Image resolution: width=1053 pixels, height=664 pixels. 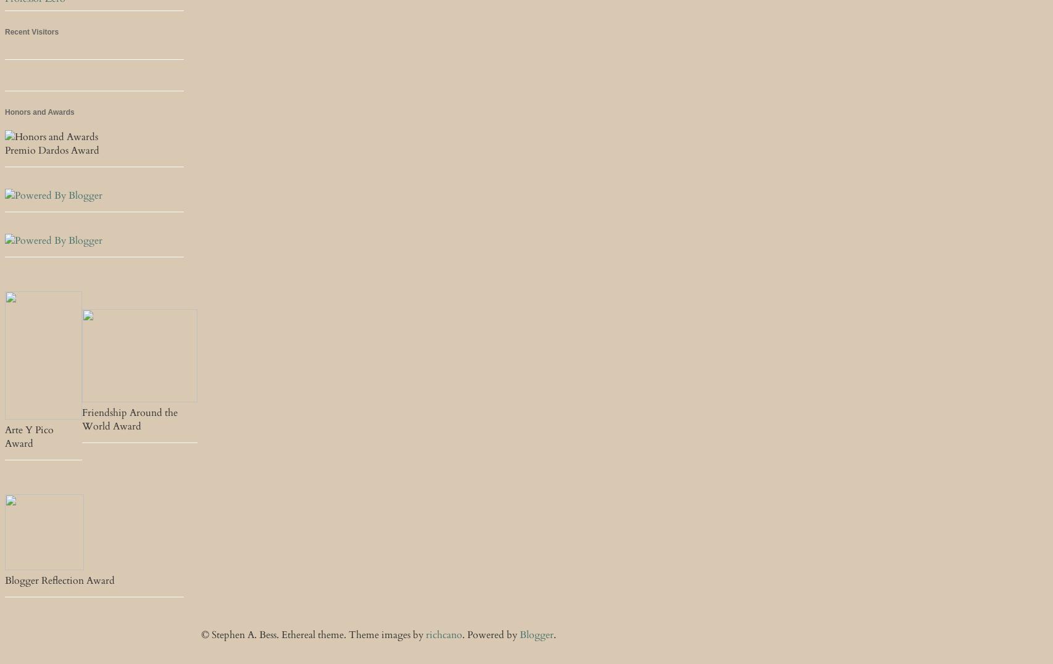 I want to click on 'Blogger Reflection Award', so click(x=60, y=579).